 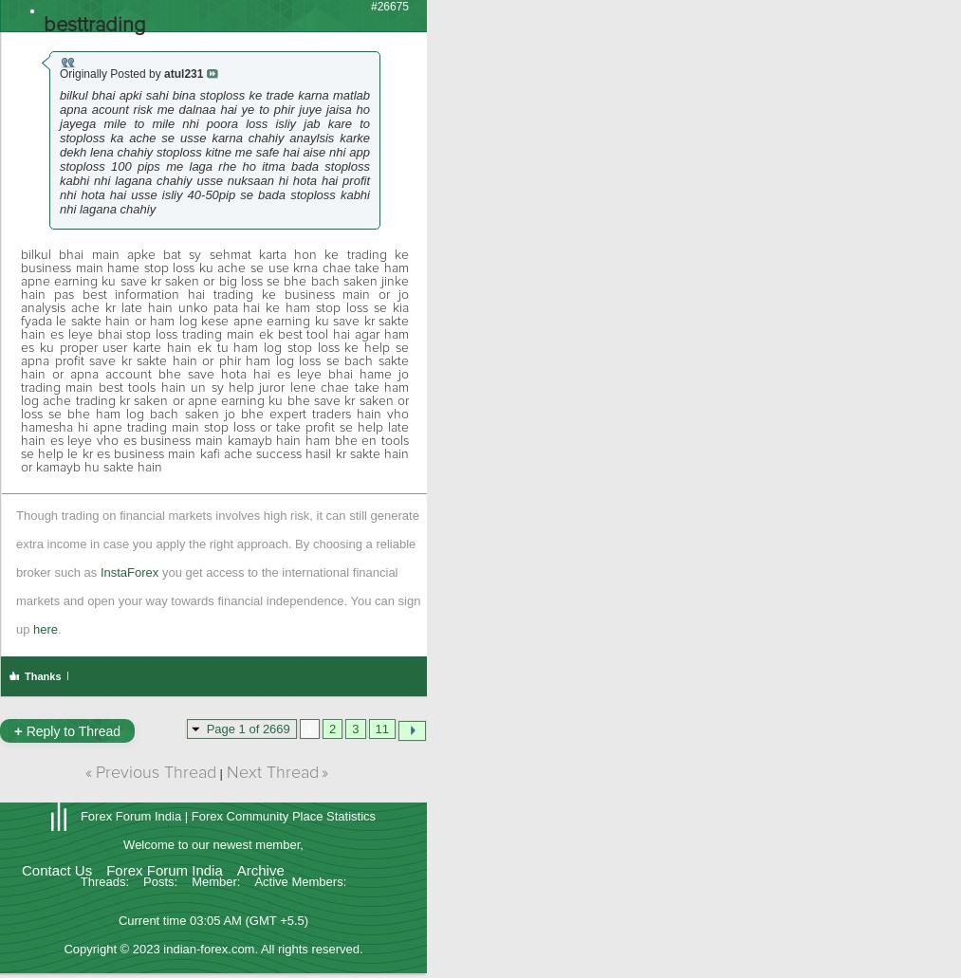 What do you see at coordinates (224, 772) in the screenshot?
I see `'Next Thread'` at bounding box center [224, 772].